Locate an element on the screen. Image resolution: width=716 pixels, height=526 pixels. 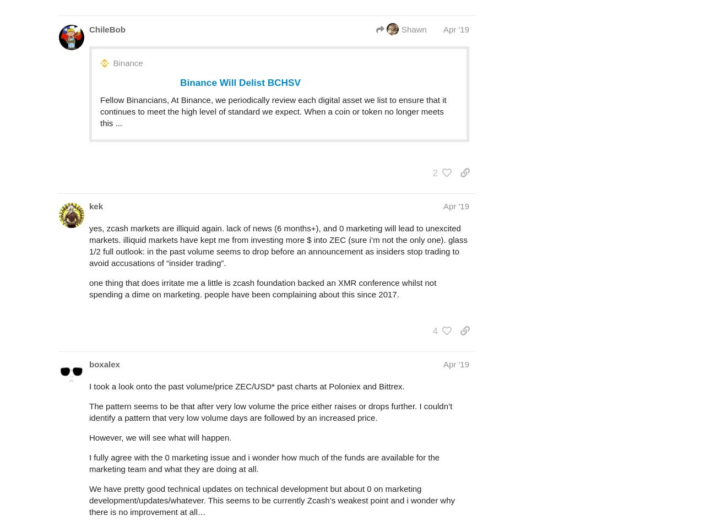
'Binance Will Delist BCHSV' is located at coordinates (179, 82).